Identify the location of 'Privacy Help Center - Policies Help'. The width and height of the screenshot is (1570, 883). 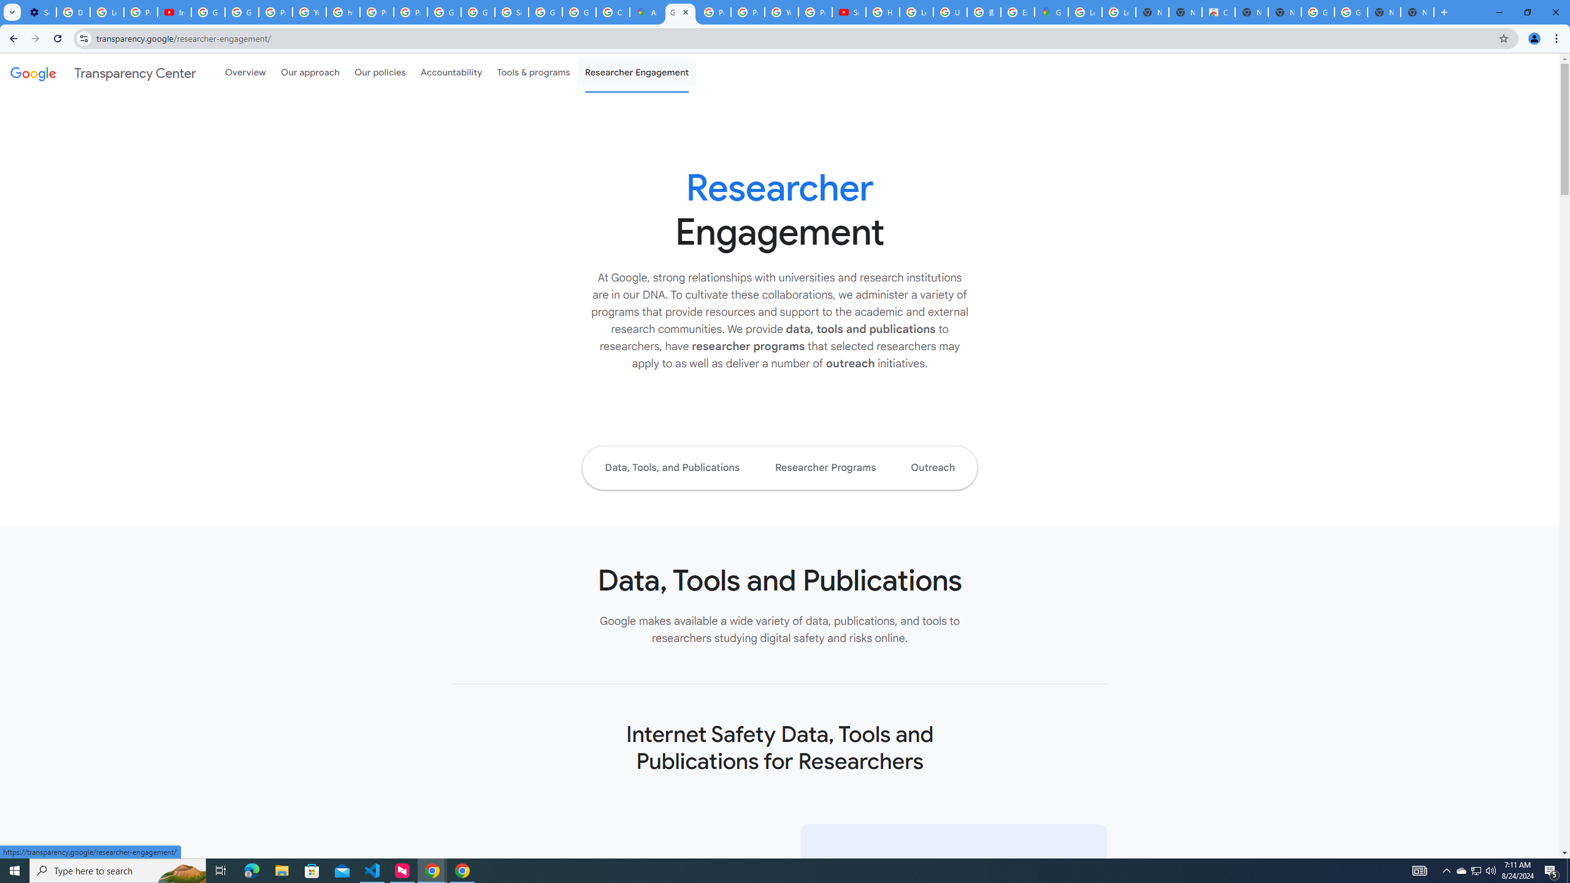
(747, 12).